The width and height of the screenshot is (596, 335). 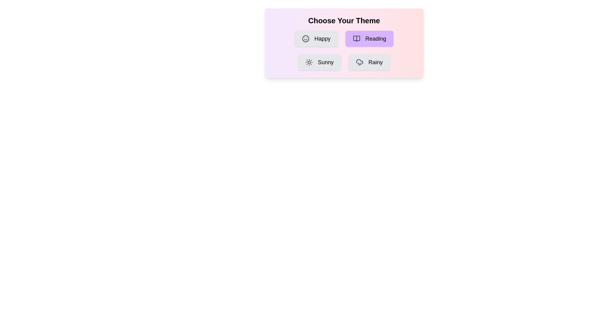 I want to click on the theme Rainy by clicking on its button, so click(x=369, y=62).